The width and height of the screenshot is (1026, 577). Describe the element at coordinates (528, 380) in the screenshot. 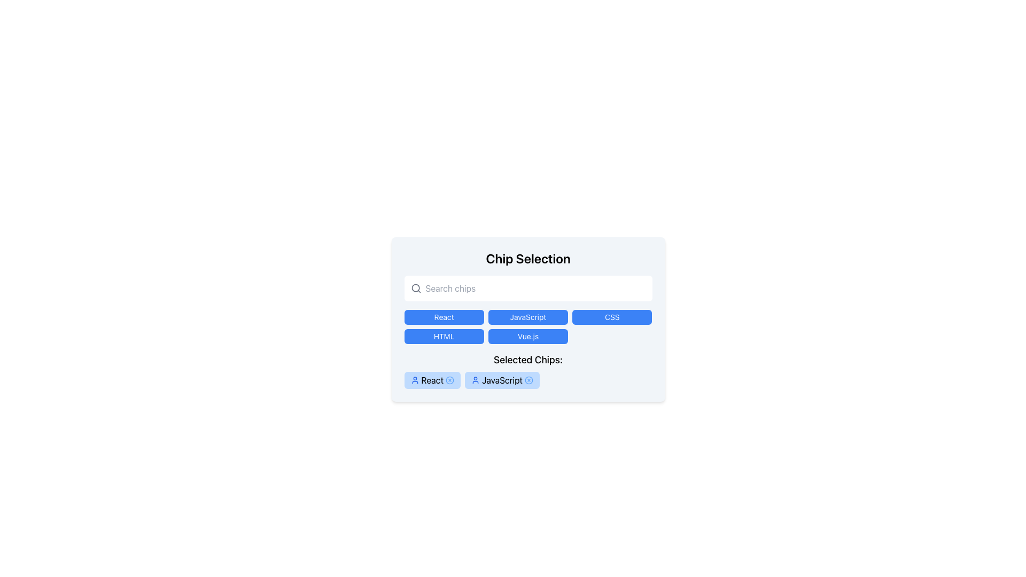

I see `the selected chips, currently displaying 'React' and 'JavaScript'` at that location.